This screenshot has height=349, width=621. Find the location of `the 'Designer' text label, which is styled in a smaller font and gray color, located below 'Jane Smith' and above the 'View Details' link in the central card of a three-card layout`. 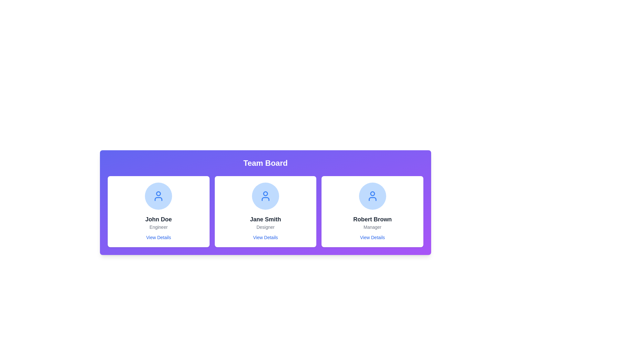

the 'Designer' text label, which is styled in a smaller font and gray color, located below 'Jane Smith' and above the 'View Details' link in the central card of a three-card layout is located at coordinates (265, 227).